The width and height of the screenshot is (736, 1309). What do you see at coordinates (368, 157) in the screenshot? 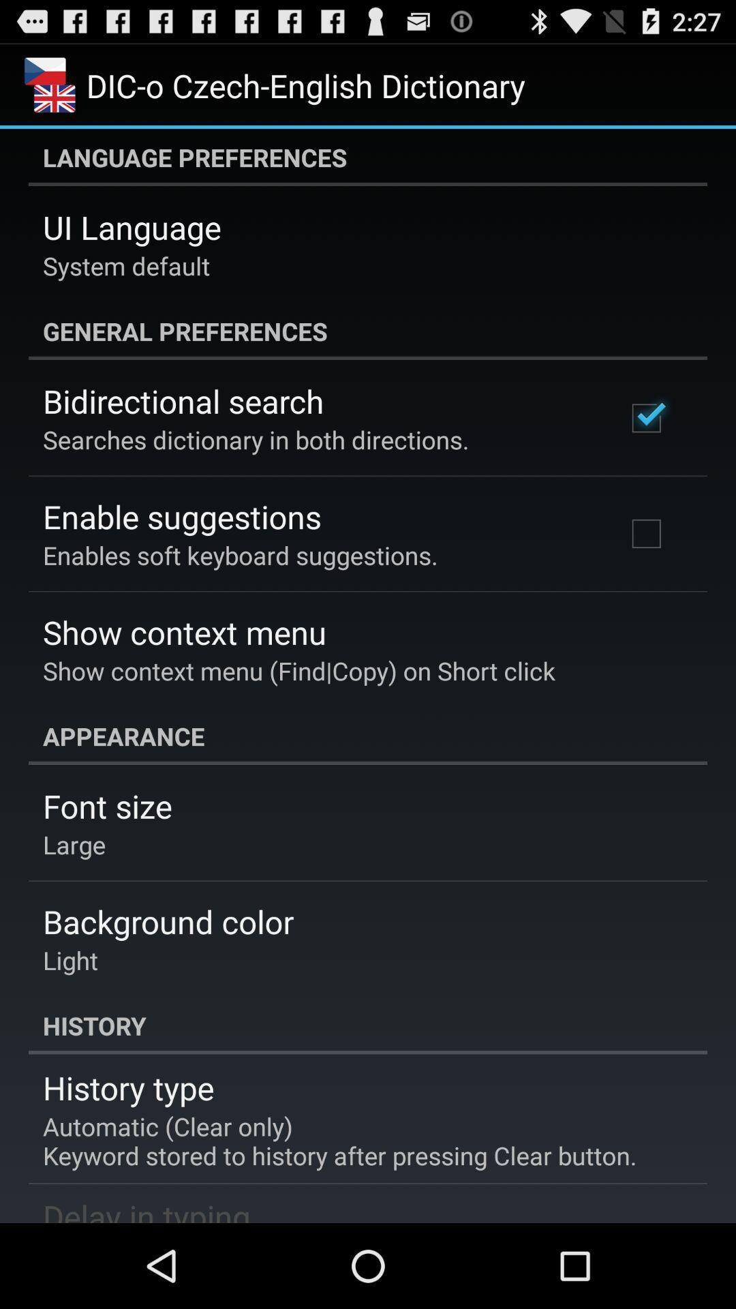
I see `app above ui language icon` at bounding box center [368, 157].